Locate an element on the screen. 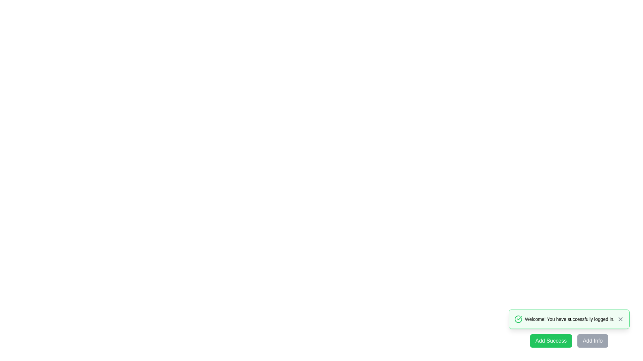 This screenshot has width=643, height=361. the button located at the bottom-right corner of the interface is located at coordinates (593, 341).